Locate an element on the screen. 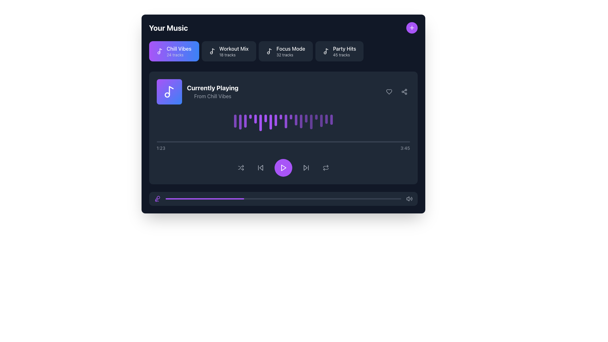 The image size is (608, 342). the music progress bar is located at coordinates (304, 199).